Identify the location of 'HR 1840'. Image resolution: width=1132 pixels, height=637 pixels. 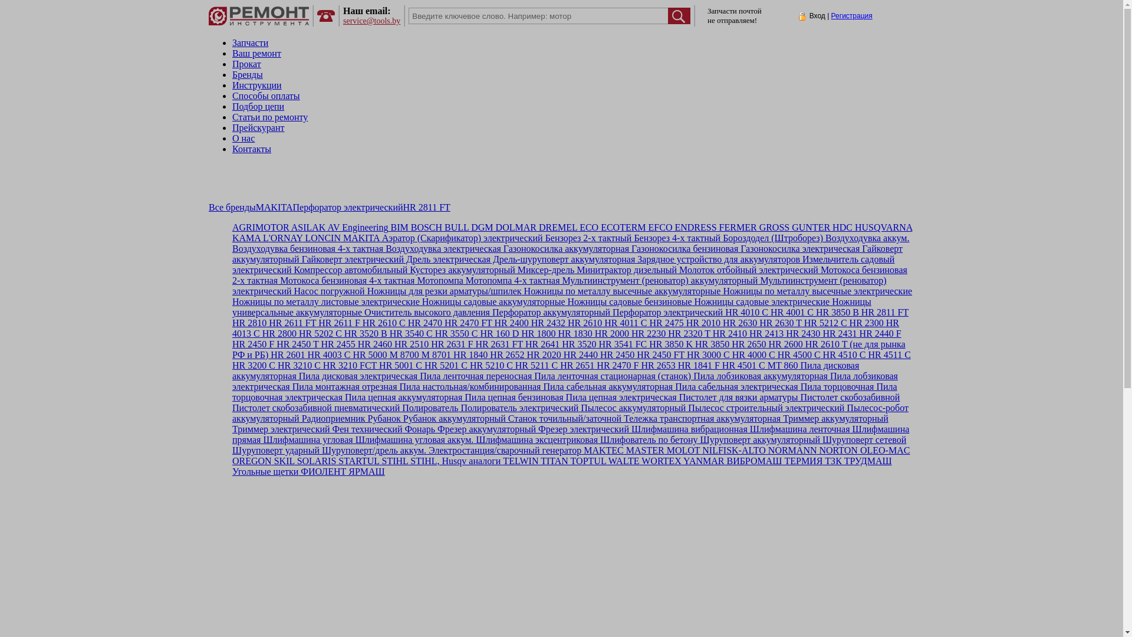
(469, 354).